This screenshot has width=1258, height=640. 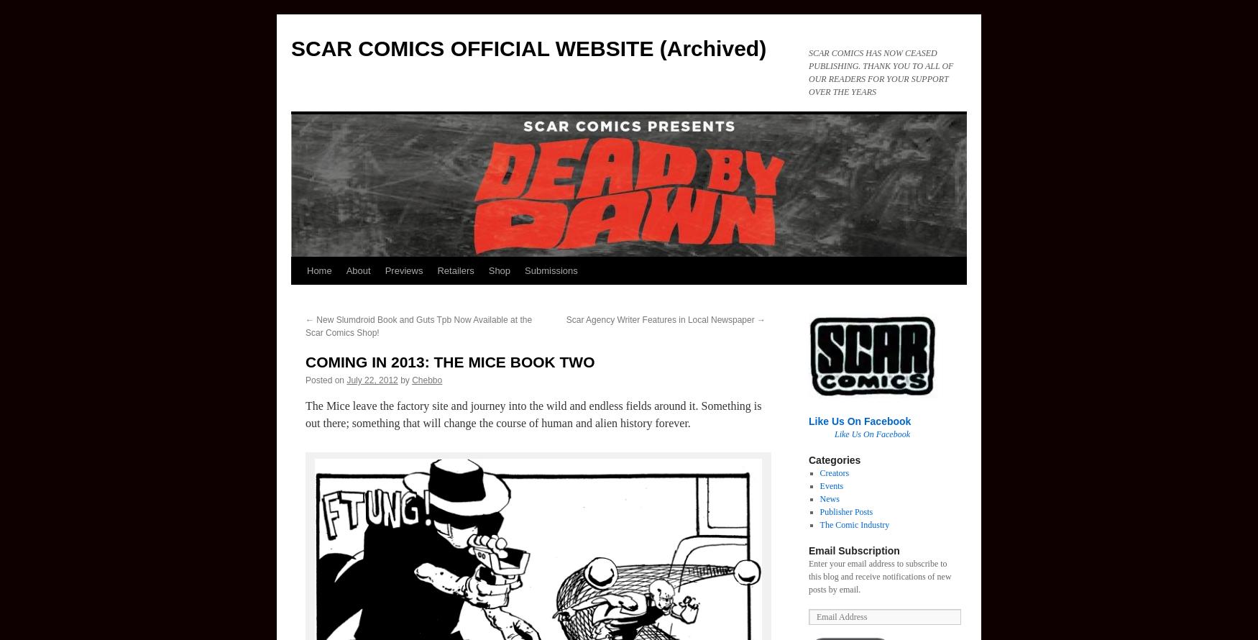 I want to click on 'Chebbo', so click(x=426, y=380).